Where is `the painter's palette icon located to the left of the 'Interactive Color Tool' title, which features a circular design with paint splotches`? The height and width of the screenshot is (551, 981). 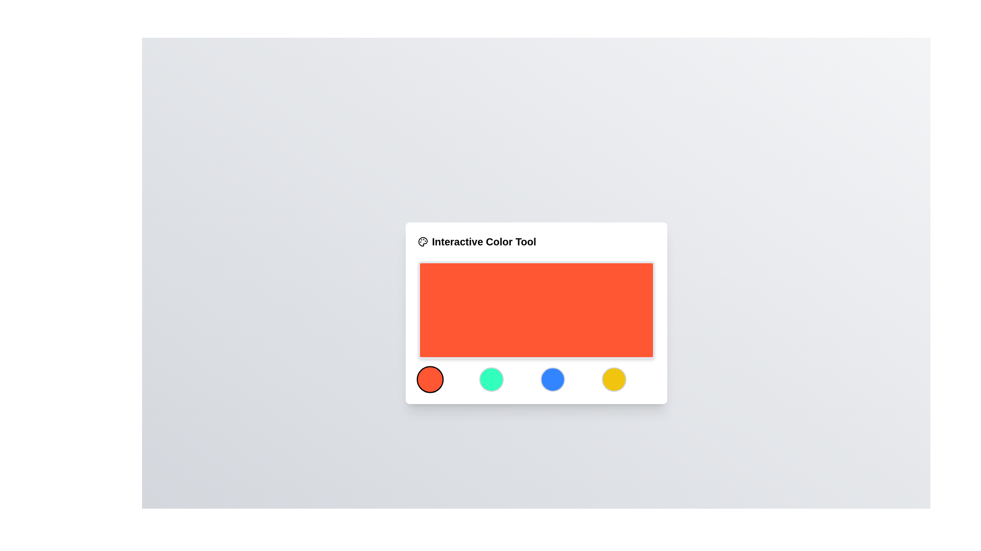 the painter's palette icon located to the left of the 'Interactive Color Tool' title, which features a circular design with paint splotches is located at coordinates (423, 242).